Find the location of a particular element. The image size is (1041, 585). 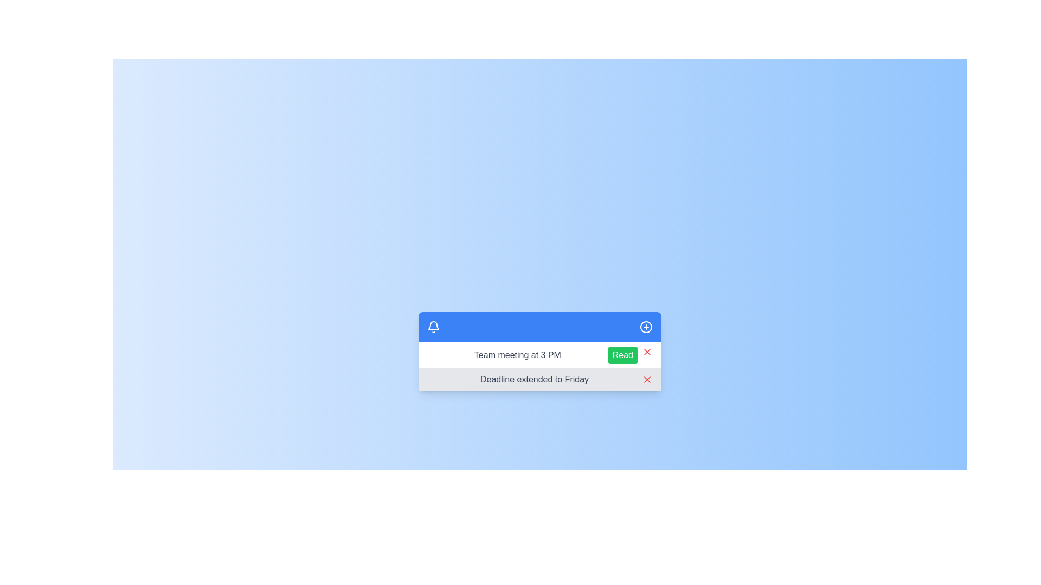

the small rectangular green button labeled 'Read' to mark the notification as read, located to the right of the text 'Team meeting at 3 PM' is located at coordinates (622, 355).